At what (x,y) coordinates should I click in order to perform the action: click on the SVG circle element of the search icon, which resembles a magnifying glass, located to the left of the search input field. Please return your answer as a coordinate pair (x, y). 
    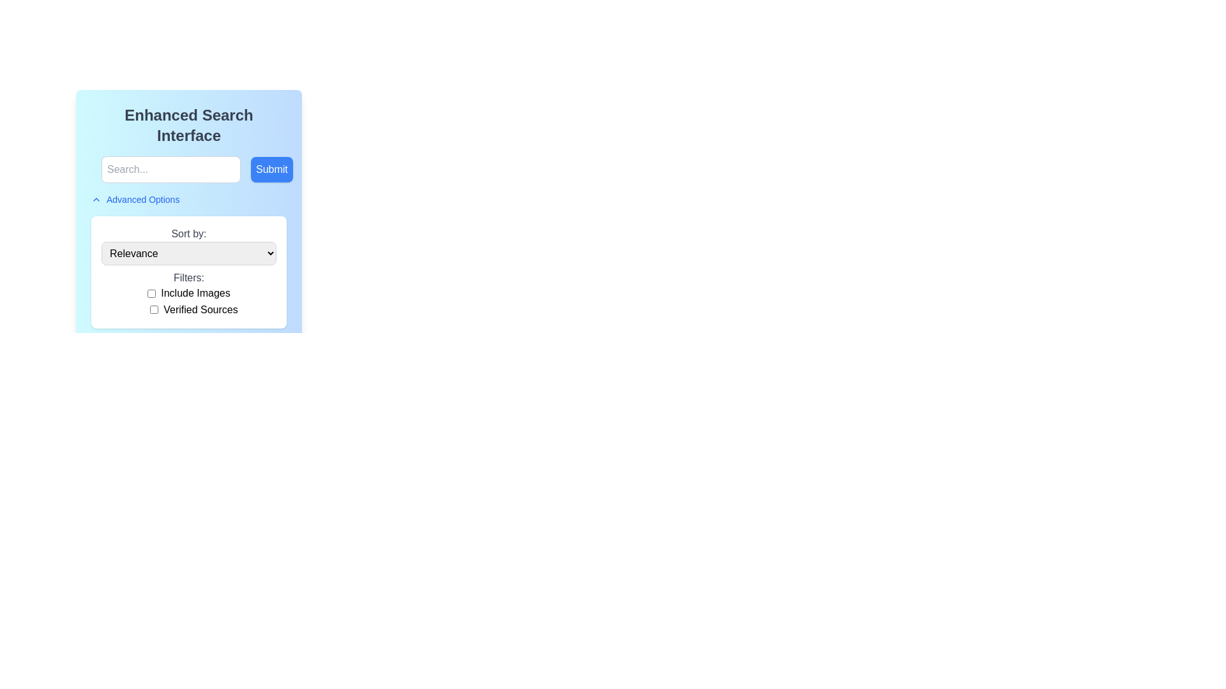
    Looking at the image, I should click on (97, 168).